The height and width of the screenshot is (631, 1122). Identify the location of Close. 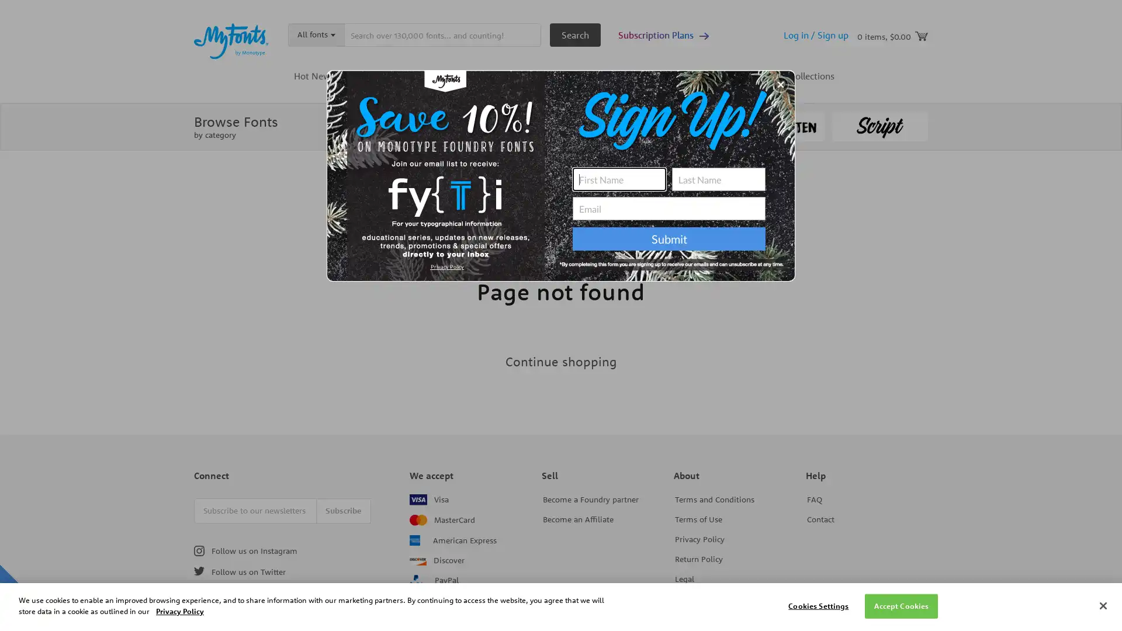
(1102, 605).